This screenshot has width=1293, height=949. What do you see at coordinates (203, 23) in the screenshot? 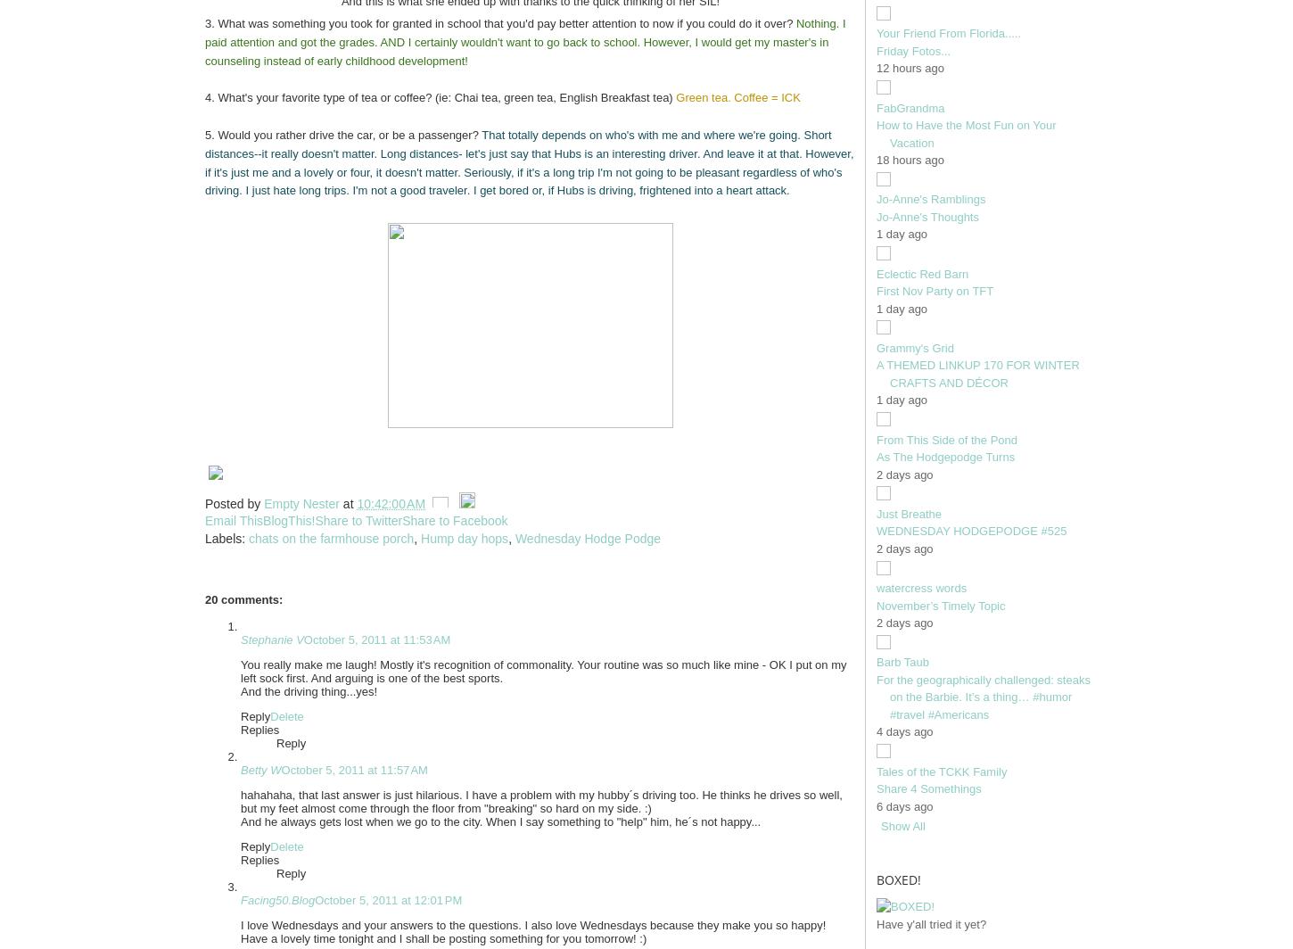
I see `'3. What was something you took for granted in school that you'd pay better attention to now if you could do it over?'` at bounding box center [203, 23].